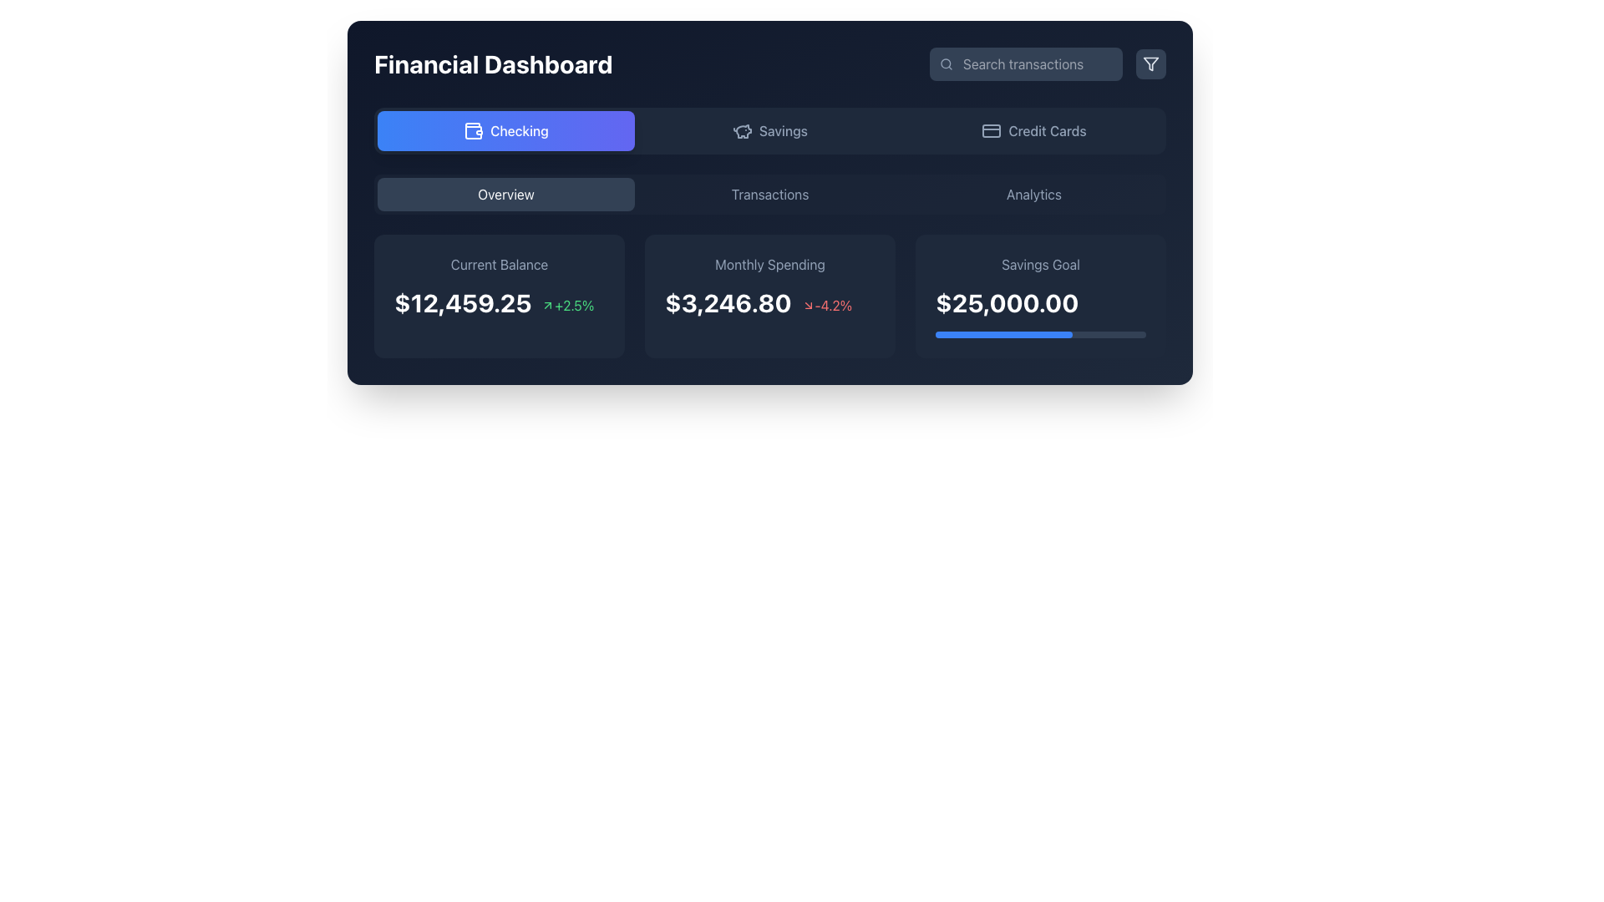  I want to click on the small dark slate-blue button with rounded corners and a filter icon (funnel) located in the top-right corner of the dashboard header, so click(1150, 63).